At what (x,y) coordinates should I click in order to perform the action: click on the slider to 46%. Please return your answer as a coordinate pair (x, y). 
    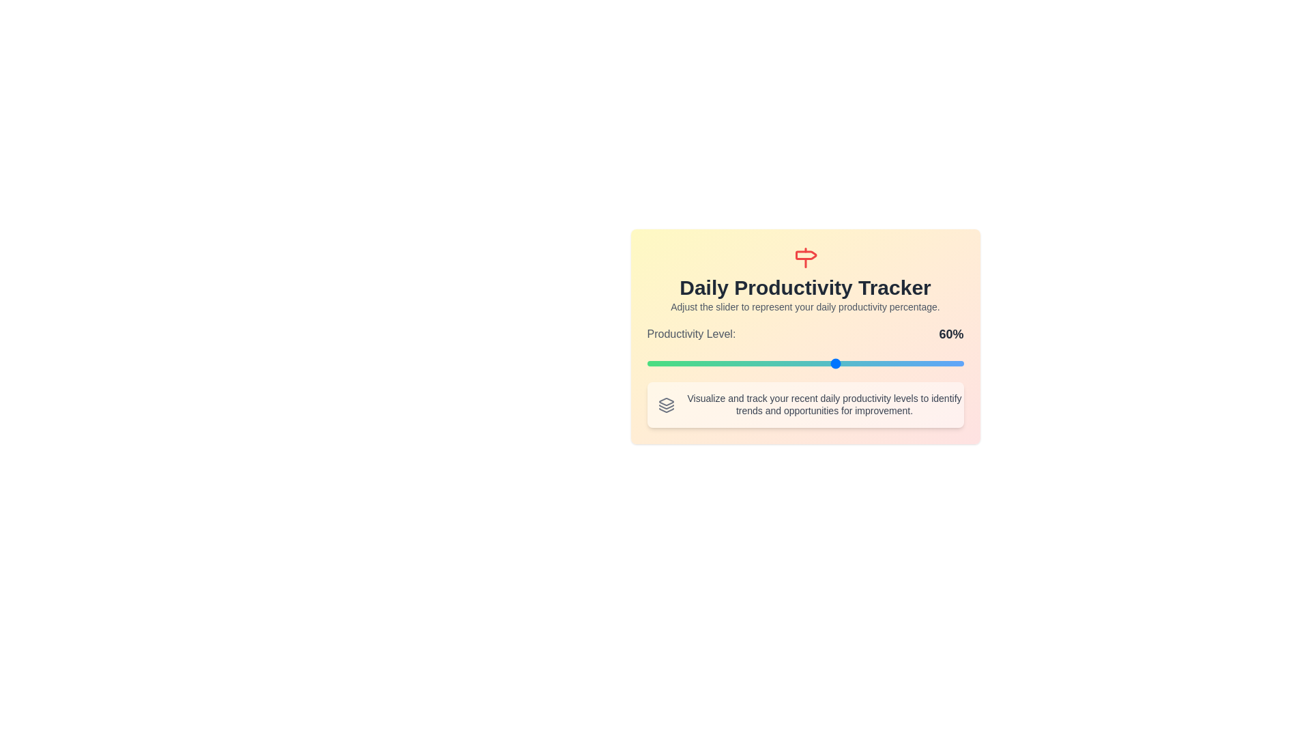
    Looking at the image, I should click on (792, 362).